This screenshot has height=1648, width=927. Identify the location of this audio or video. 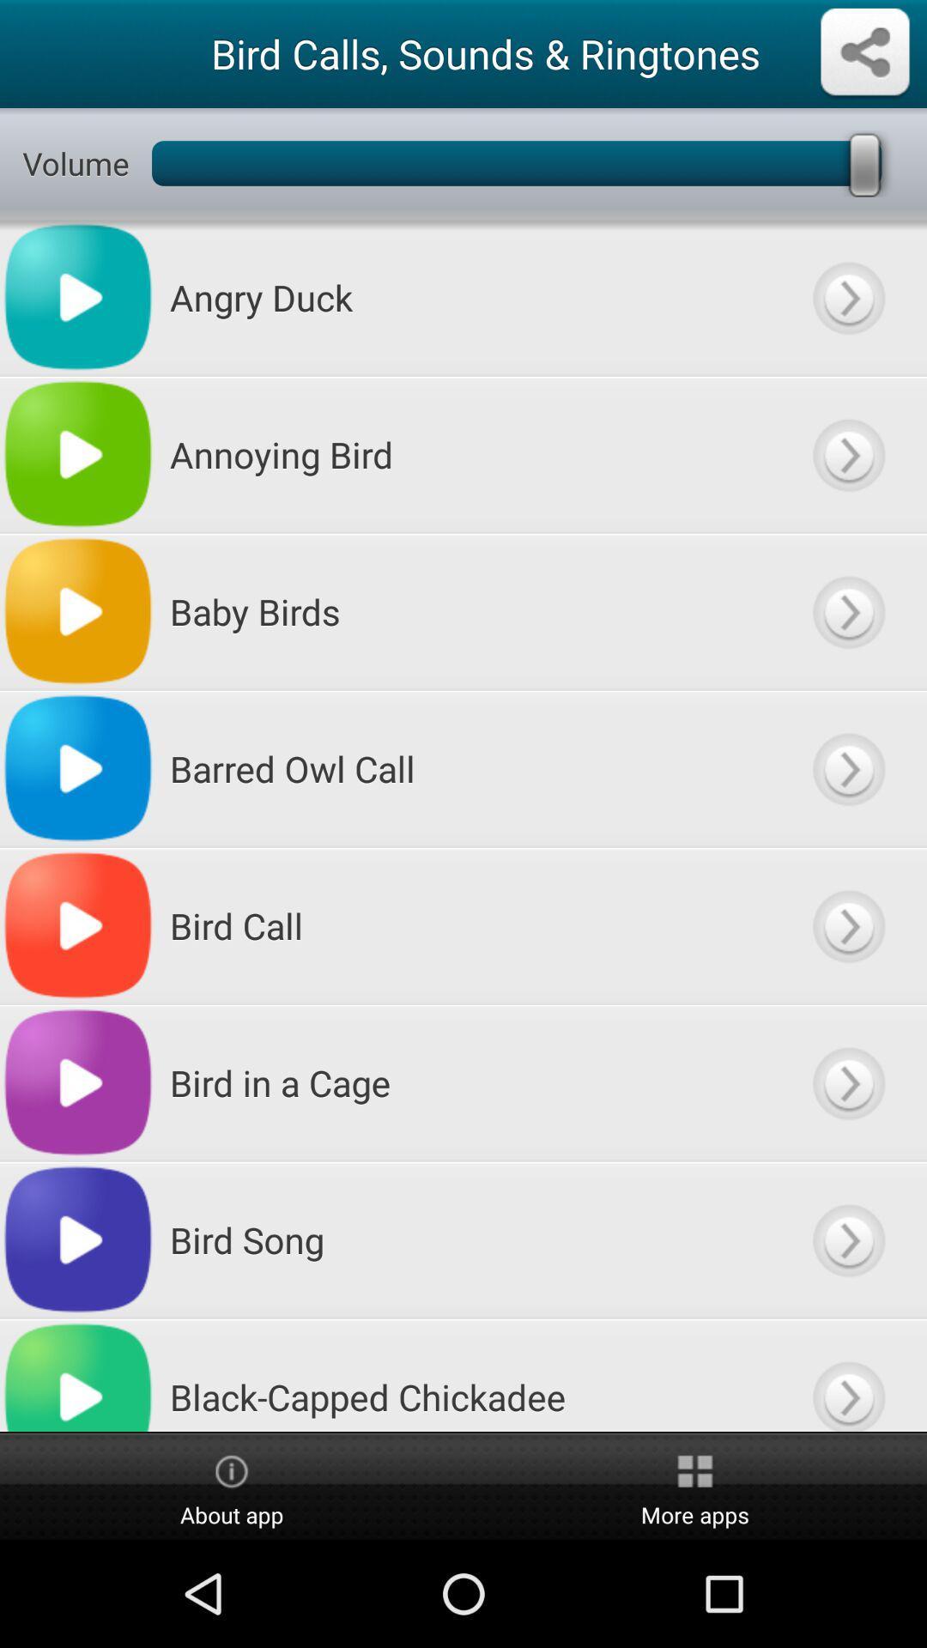
(847, 454).